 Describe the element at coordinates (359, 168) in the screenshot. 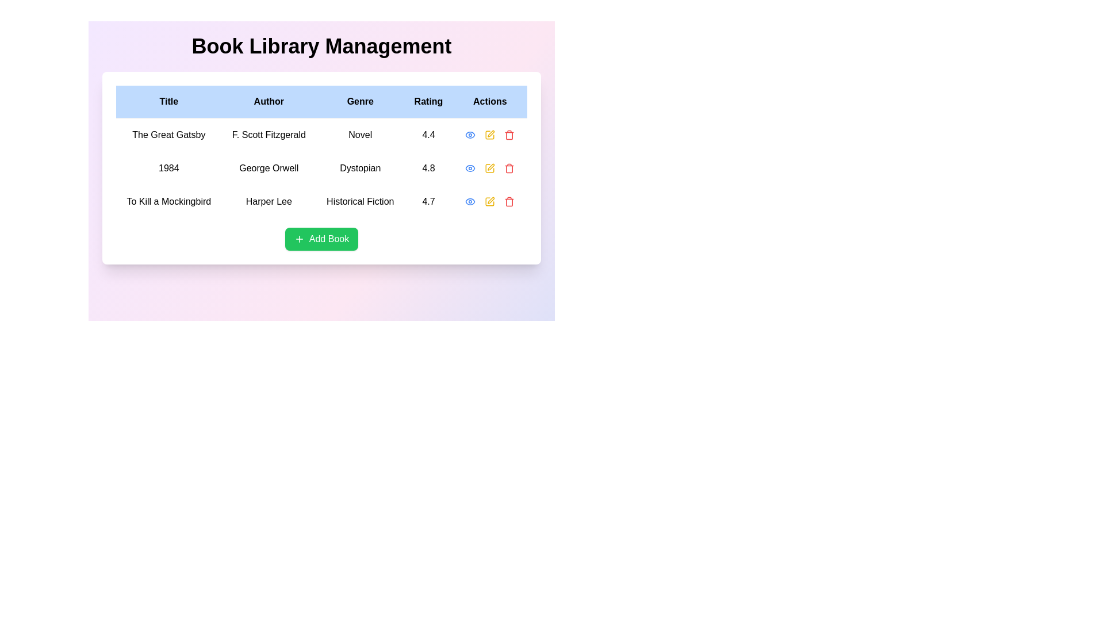

I see `text label displaying the genre of the book '1984' located in the third column of the second row under the 'Genre' column` at that location.